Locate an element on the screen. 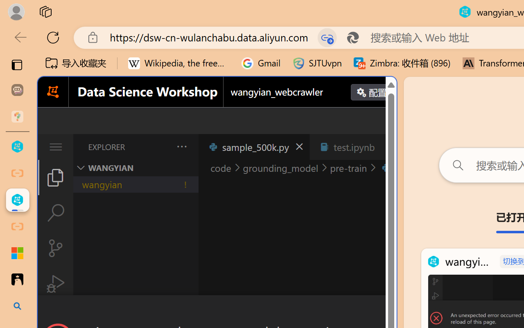 The width and height of the screenshot is (524, 328). 'Source Control (Ctrl+Shift+G)' is located at coordinates (55, 248).